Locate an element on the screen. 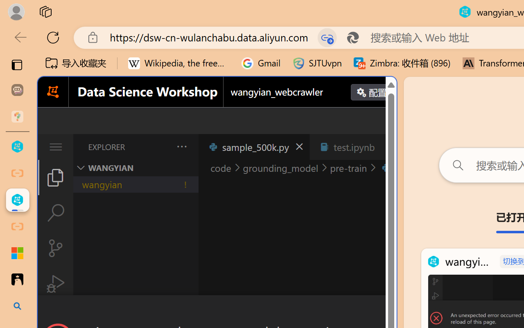 The width and height of the screenshot is (524, 328). 'Source Control (Ctrl+Shift+G)' is located at coordinates (55, 248).